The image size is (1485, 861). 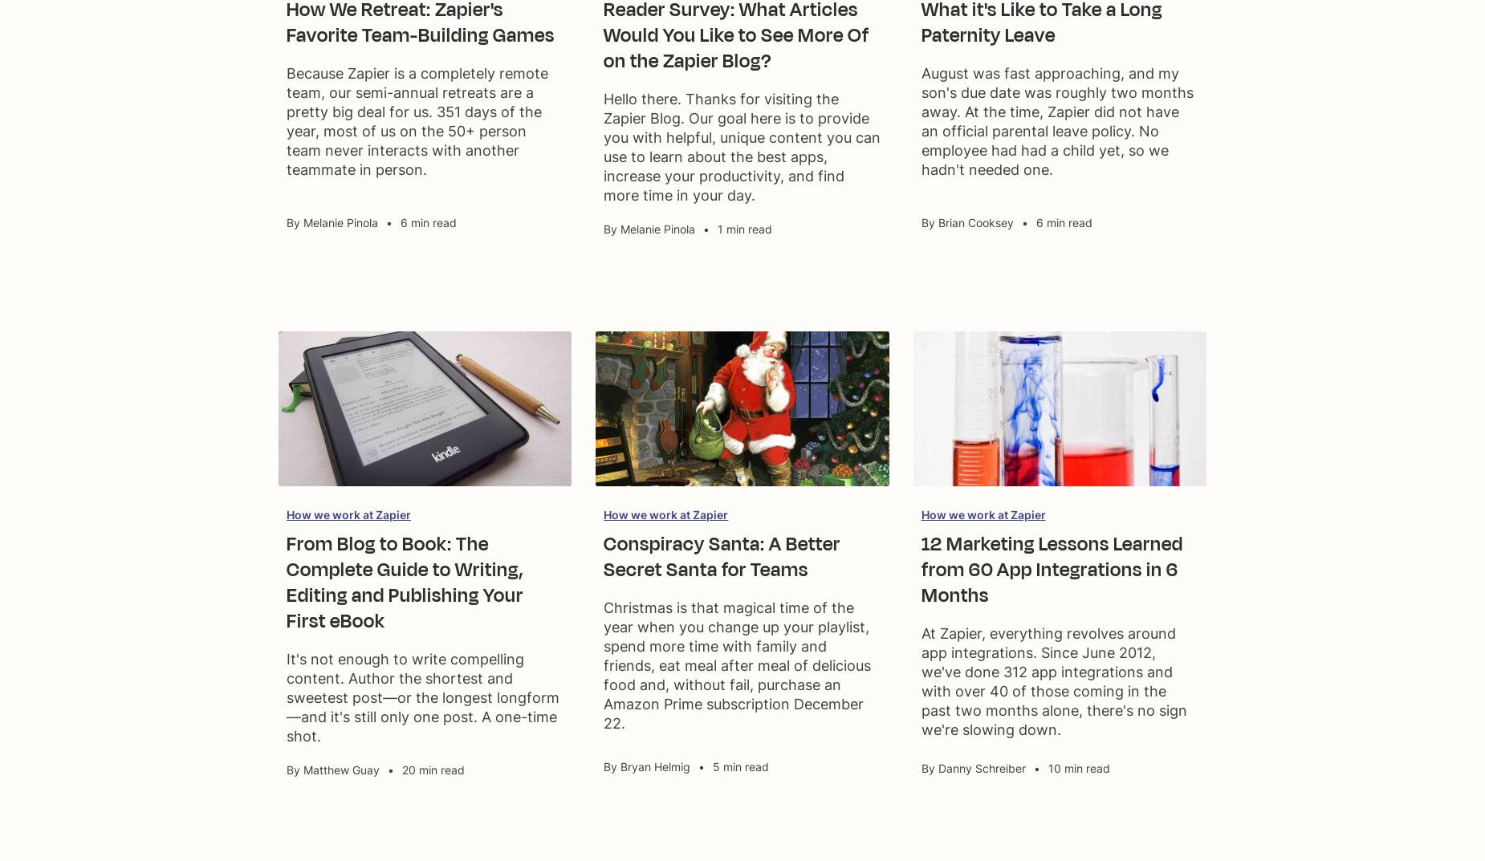 I want to click on 'August was fast approaching, and my son's due date was roughly two months away. At the time, Zapier did not have an official parental leave policy. No employee had had a child yet, so we hadn't needed one.', so click(x=1056, y=120).